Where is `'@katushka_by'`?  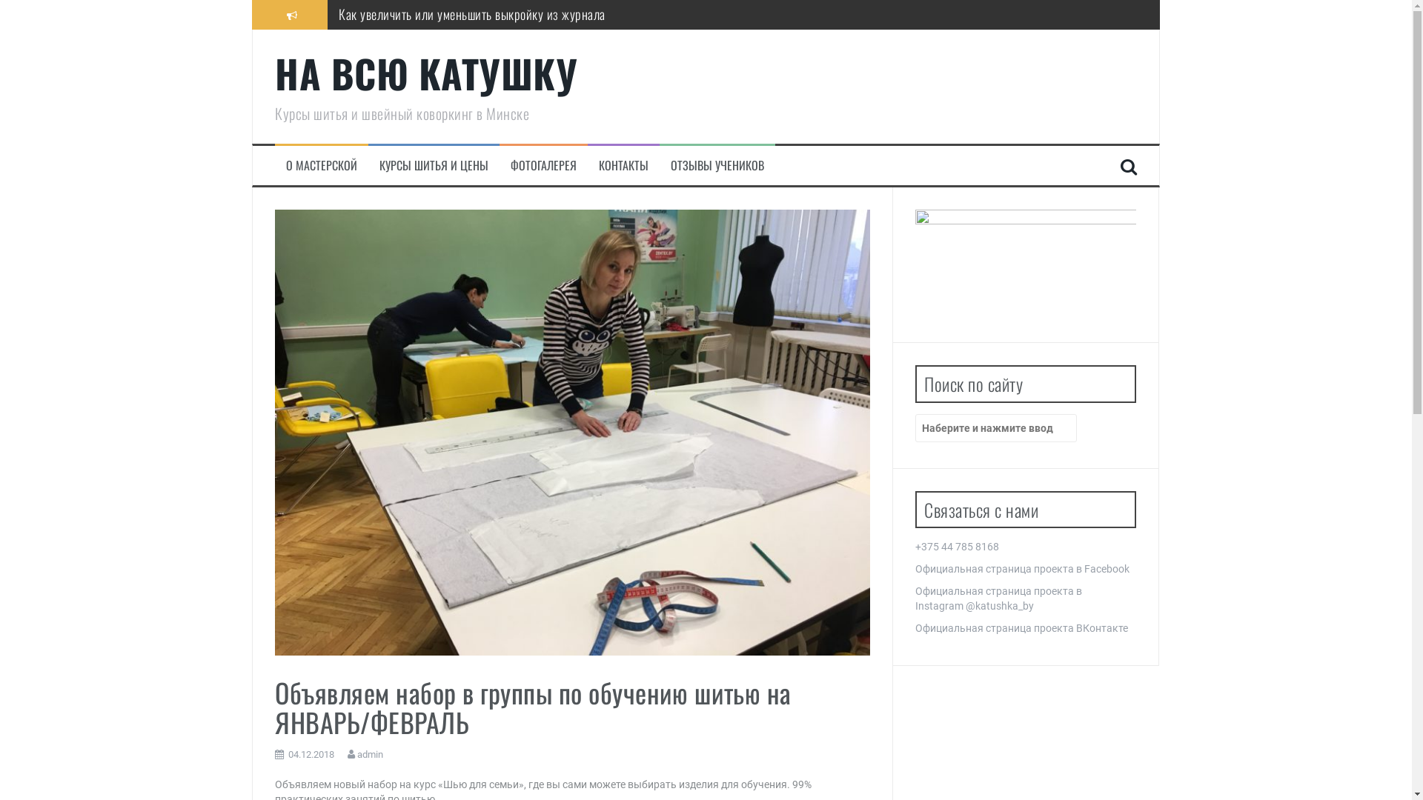
'@katushka_by' is located at coordinates (999, 605).